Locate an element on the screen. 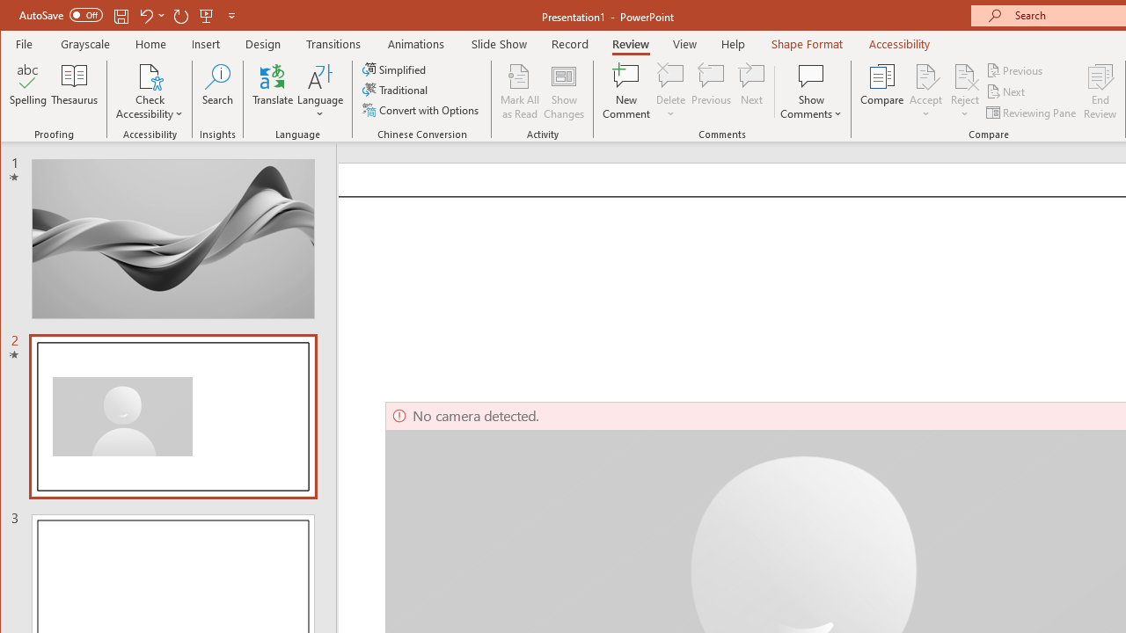  'Convert with Options...' is located at coordinates (422, 110).